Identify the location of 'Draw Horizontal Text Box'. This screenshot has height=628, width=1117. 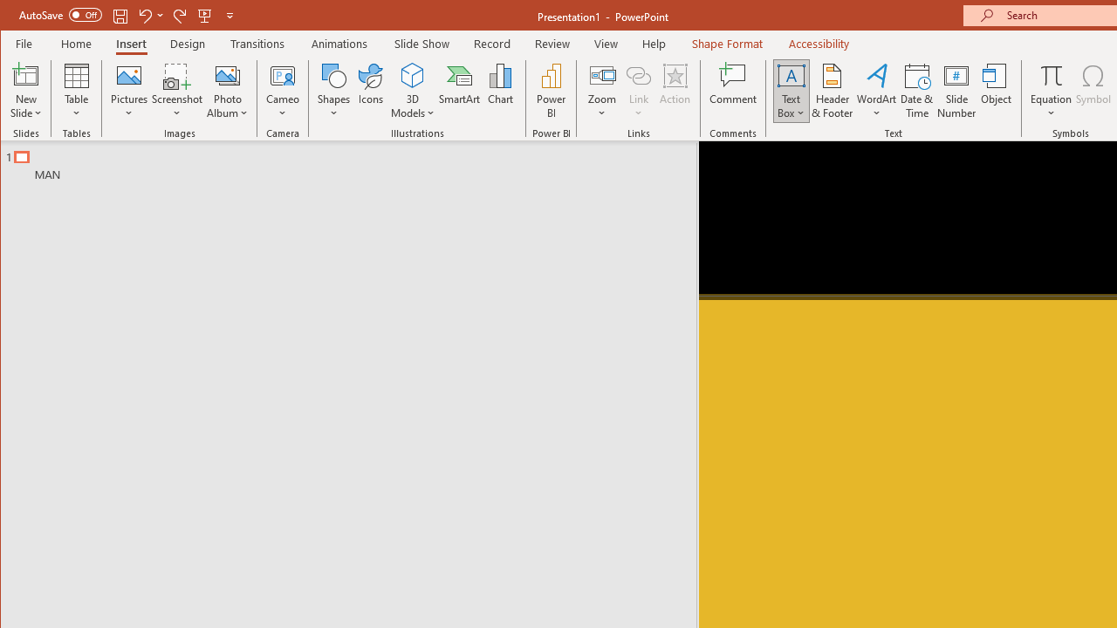
(790, 74).